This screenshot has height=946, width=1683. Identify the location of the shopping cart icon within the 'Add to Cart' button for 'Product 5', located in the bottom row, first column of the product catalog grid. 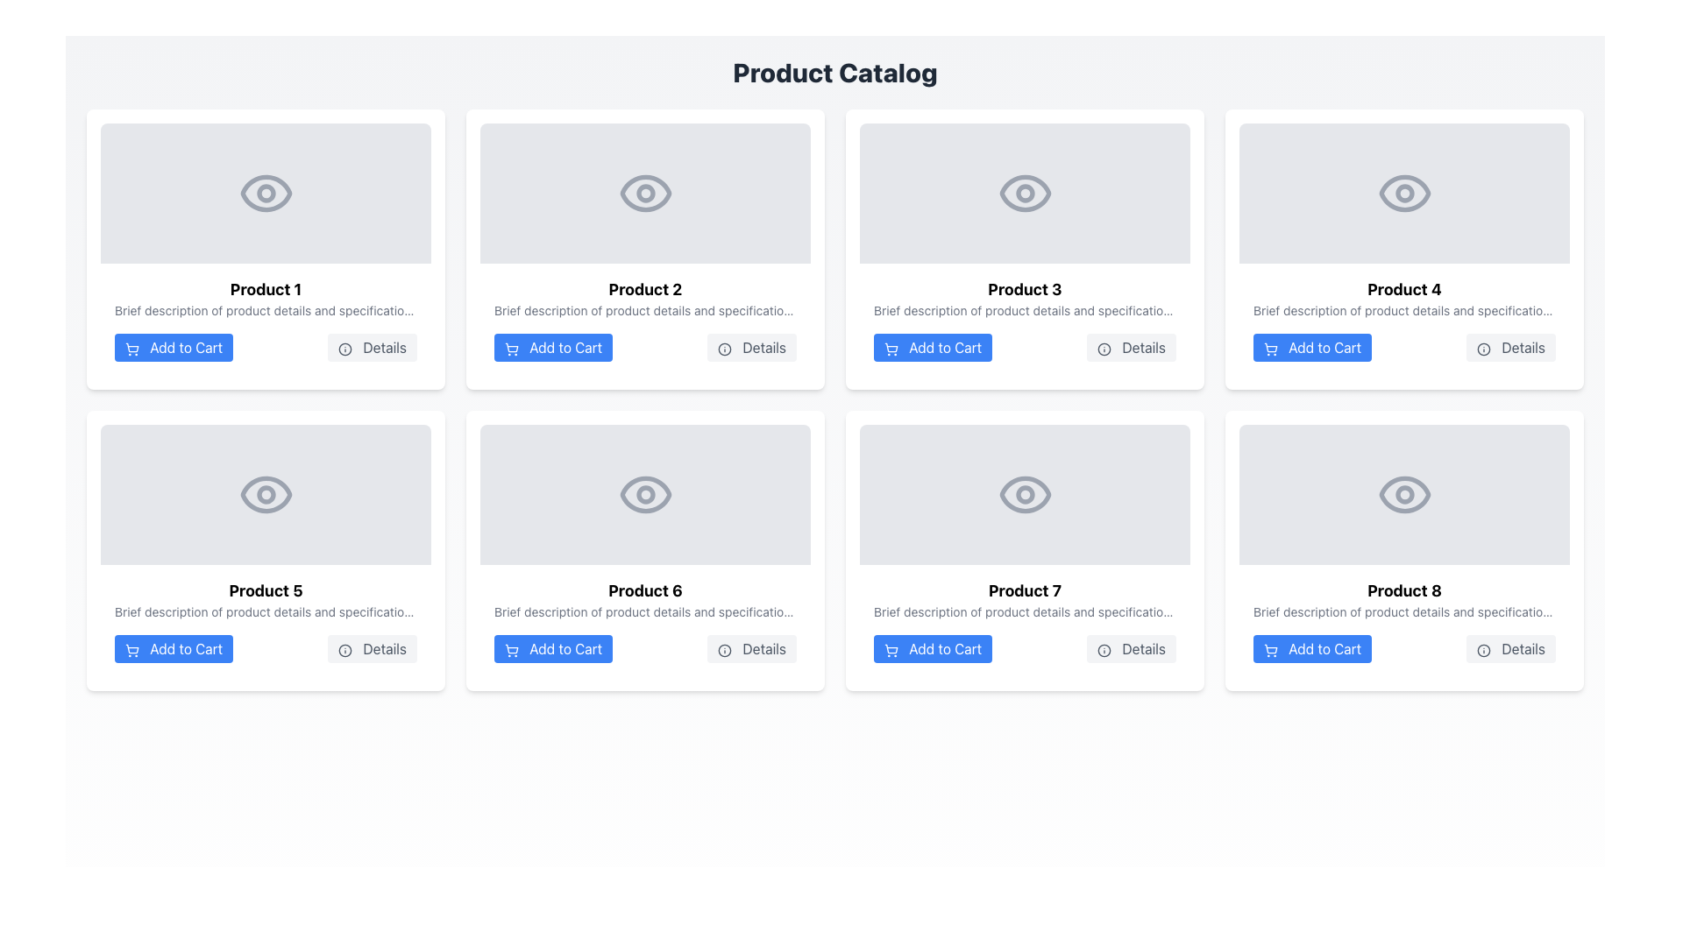
(131, 649).